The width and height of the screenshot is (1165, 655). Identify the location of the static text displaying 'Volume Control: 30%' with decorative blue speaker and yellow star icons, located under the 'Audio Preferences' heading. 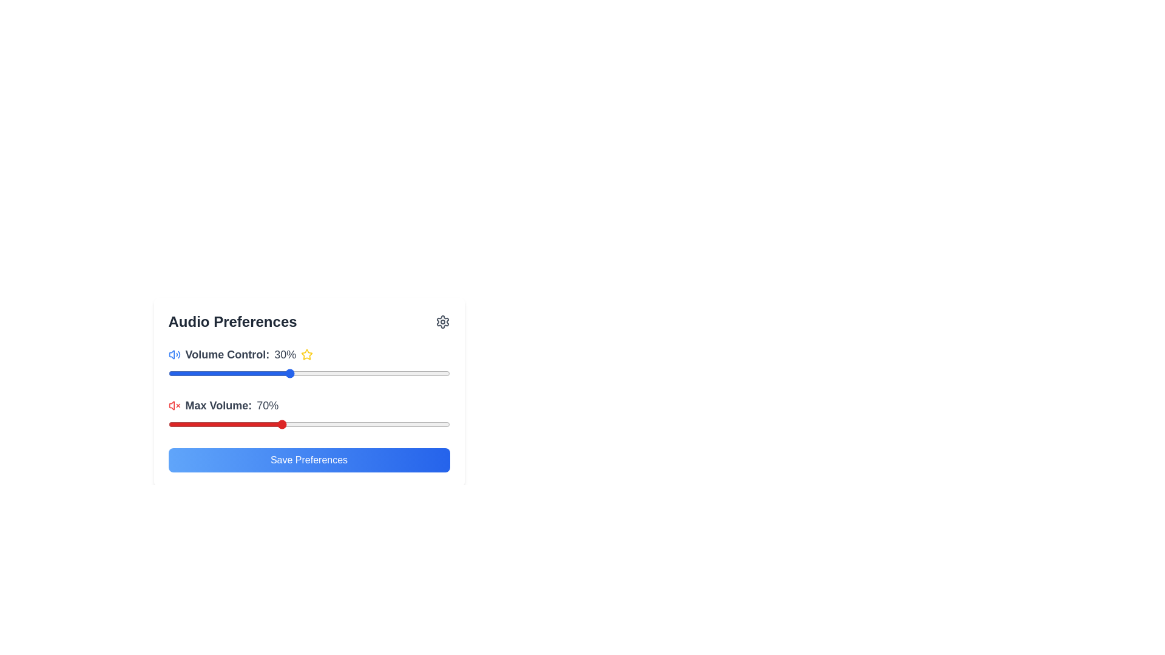
(309, 355).